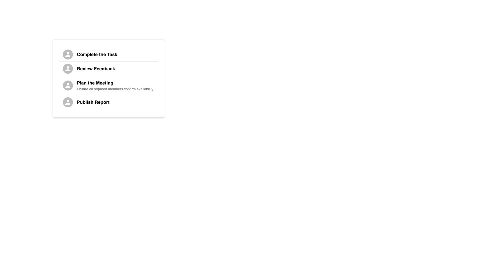  I want to click on the avatar icon representing the user associated with the task 'Complete the Task', located at the top-left of the vertical list of items, so click(67, 54).